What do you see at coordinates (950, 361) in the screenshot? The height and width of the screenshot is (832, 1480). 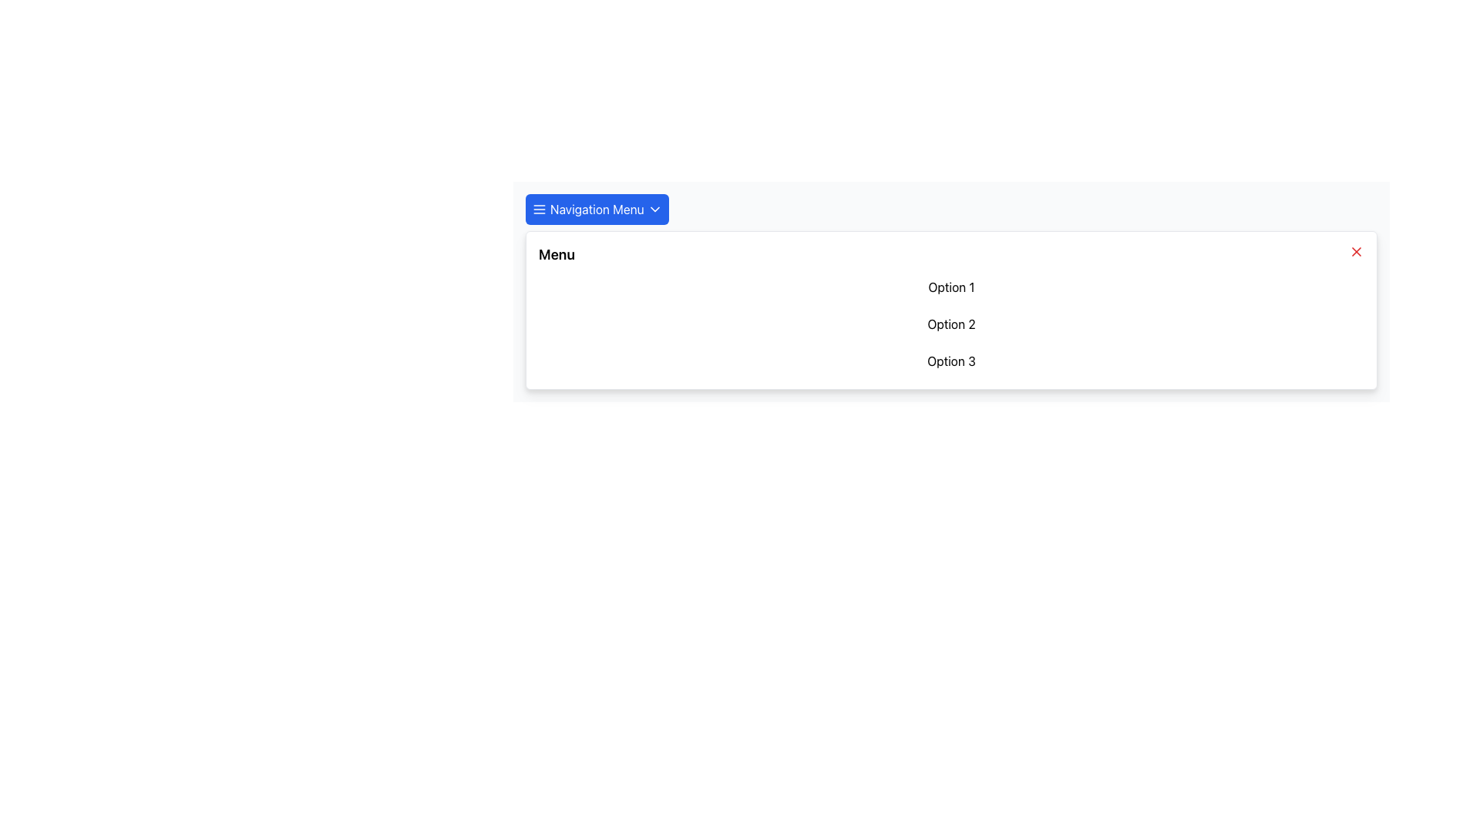 I see `the text label displaying 'Option 3' in the dropdown menu that is centered horizontally and positioned below 'Option 2'` at bounding box center [950, 361].